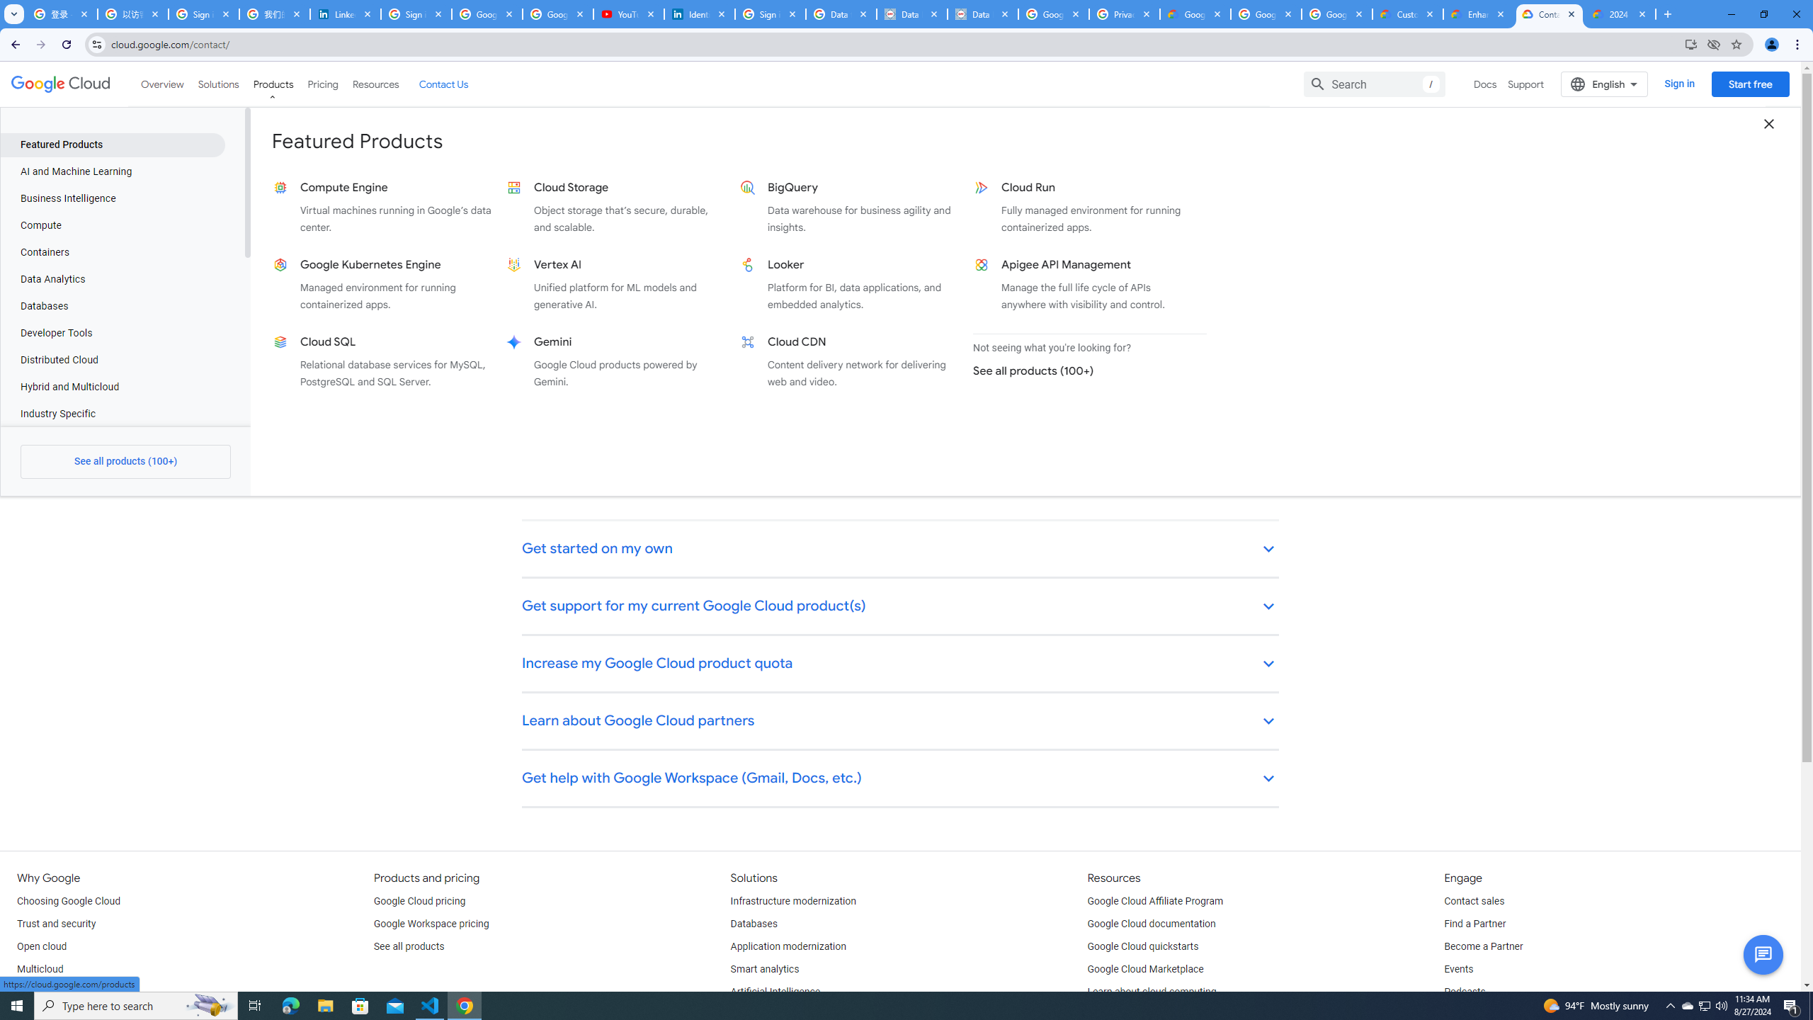 This screenshot has width=1813, height=1020. What do you see at coordinates (375, 84) in the screenshot?
I see `'Resources'` at bounding box center [375, 84].